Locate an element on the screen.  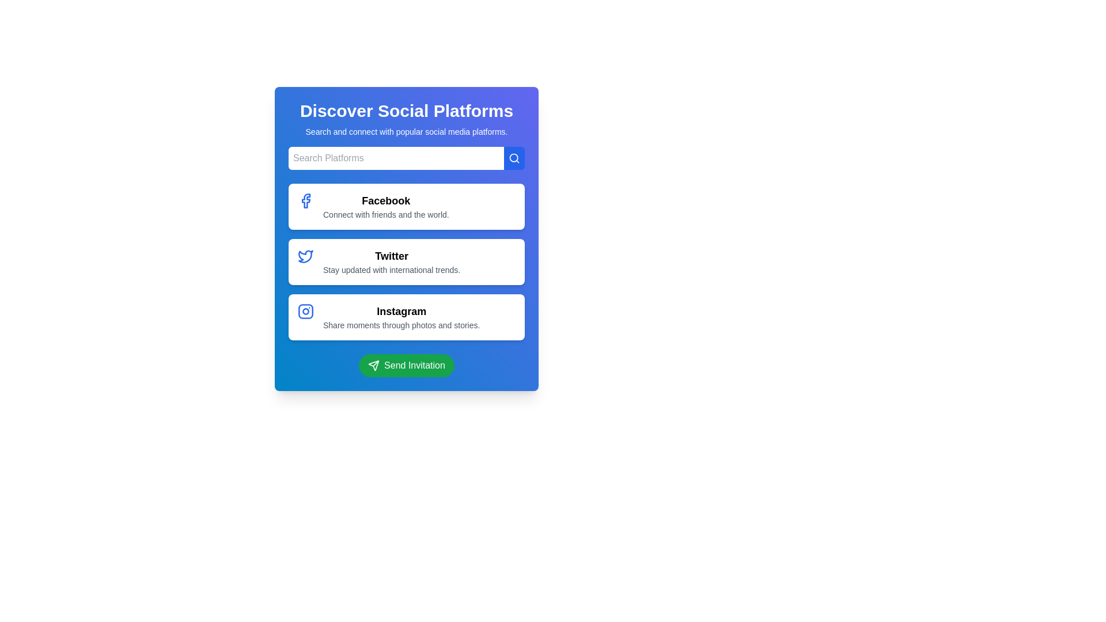
the descriptive text block that contains a bolded 'Instagram' title and a smaller gray subtext about sharing moments, located under the header 'Discover Social Platforms' is located at coordinates (402, 317).